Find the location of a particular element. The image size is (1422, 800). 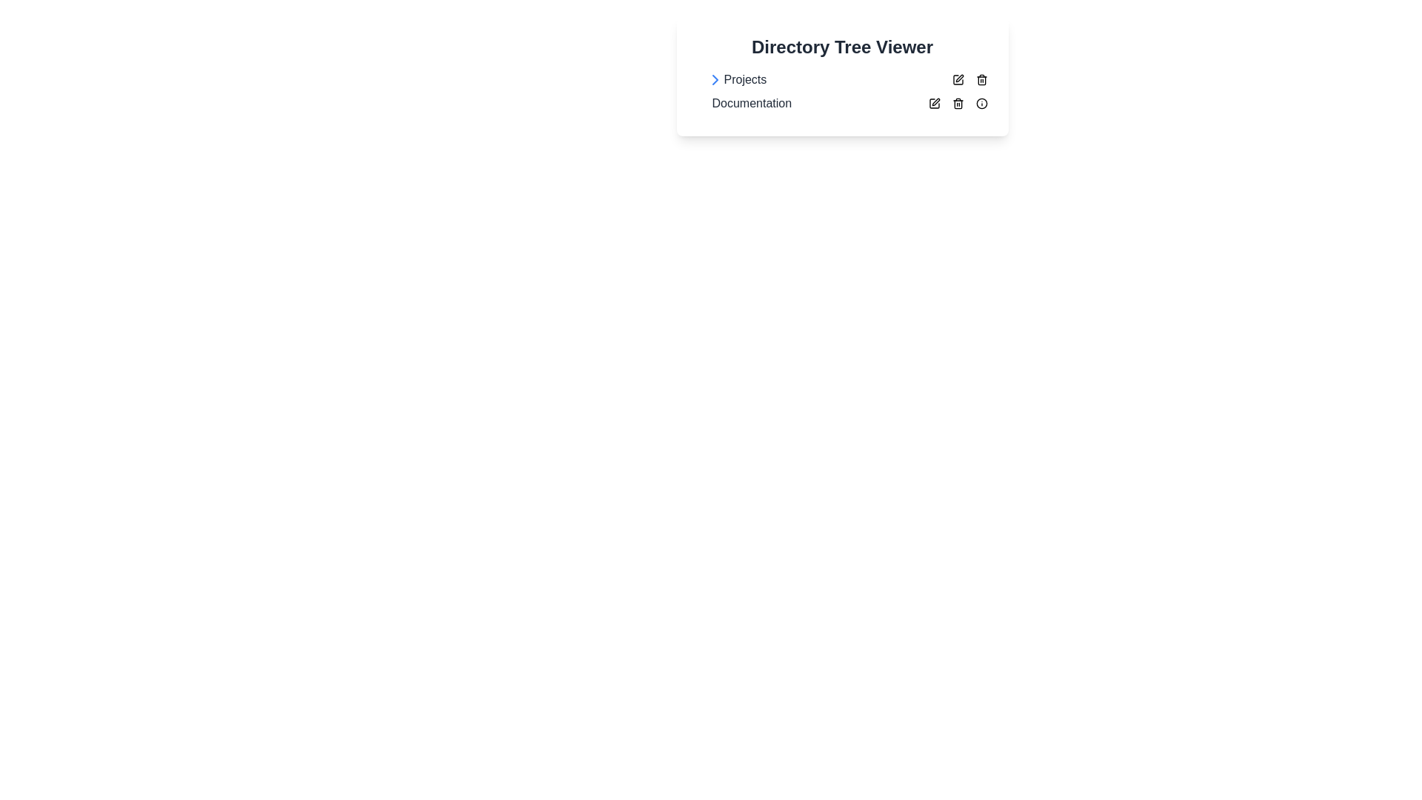

the interactive icon located in the upper right corner of the 'Directory Tree Viewer' application card is located at coordinates (959, 78).